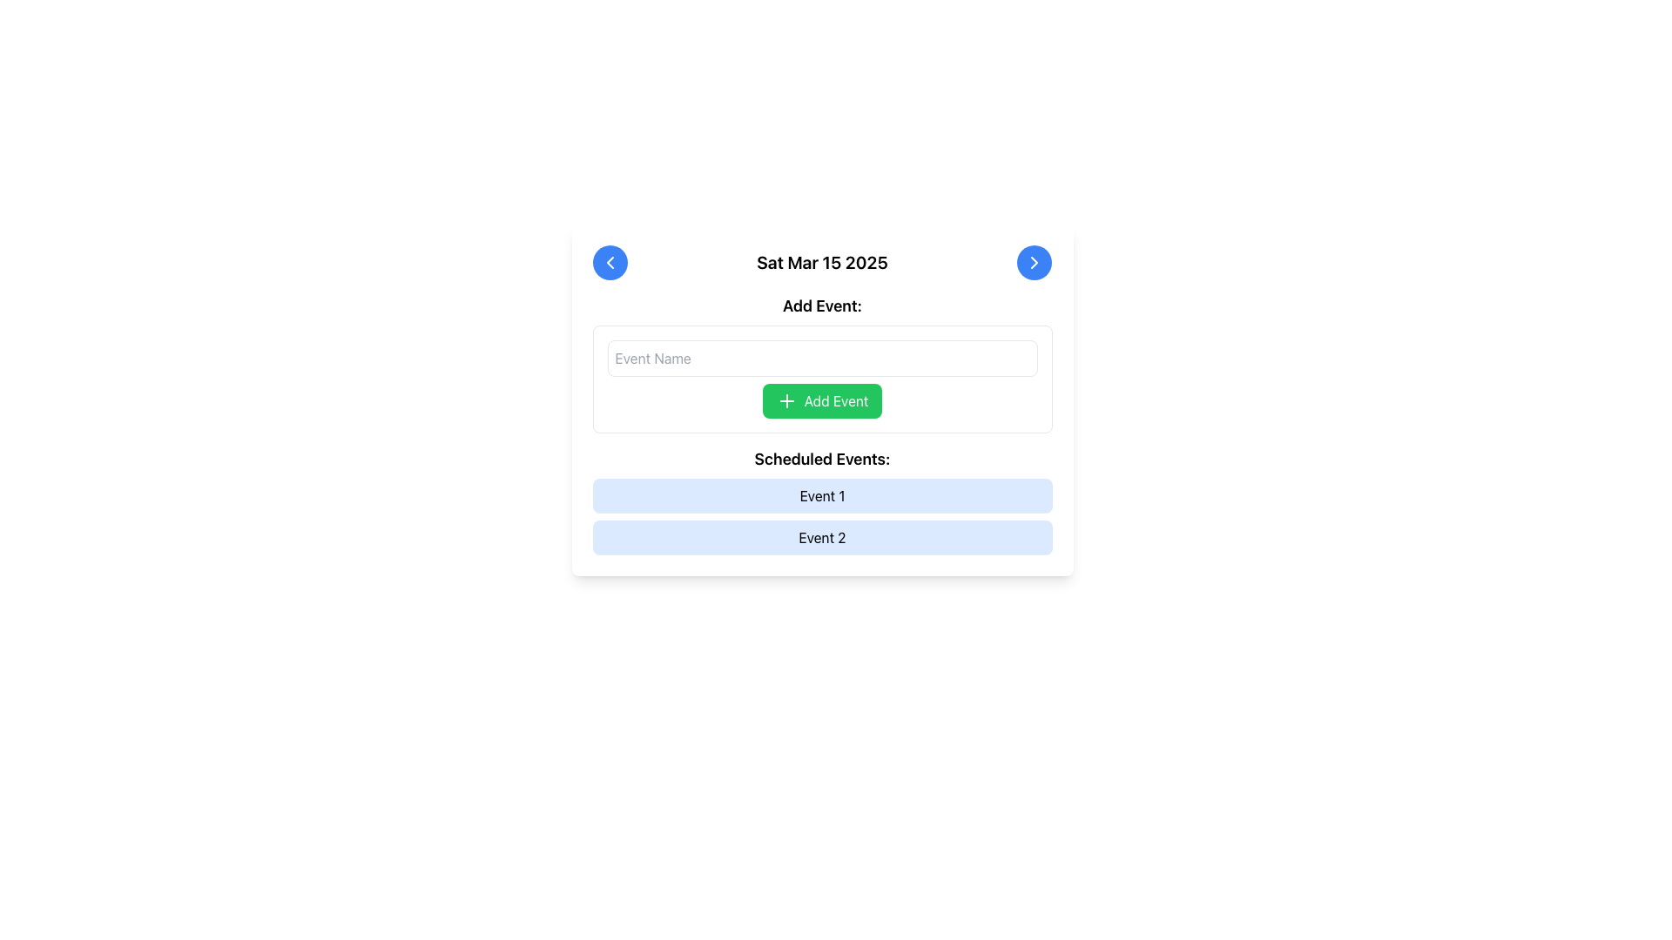  Describe the element at coordinates (821, 536) in the screenshot. I see `the label with the text 'Event 2', which is a rectangular component with rounded corners and a light blue background, located below the 'Scheduled Events:' label` at that location.